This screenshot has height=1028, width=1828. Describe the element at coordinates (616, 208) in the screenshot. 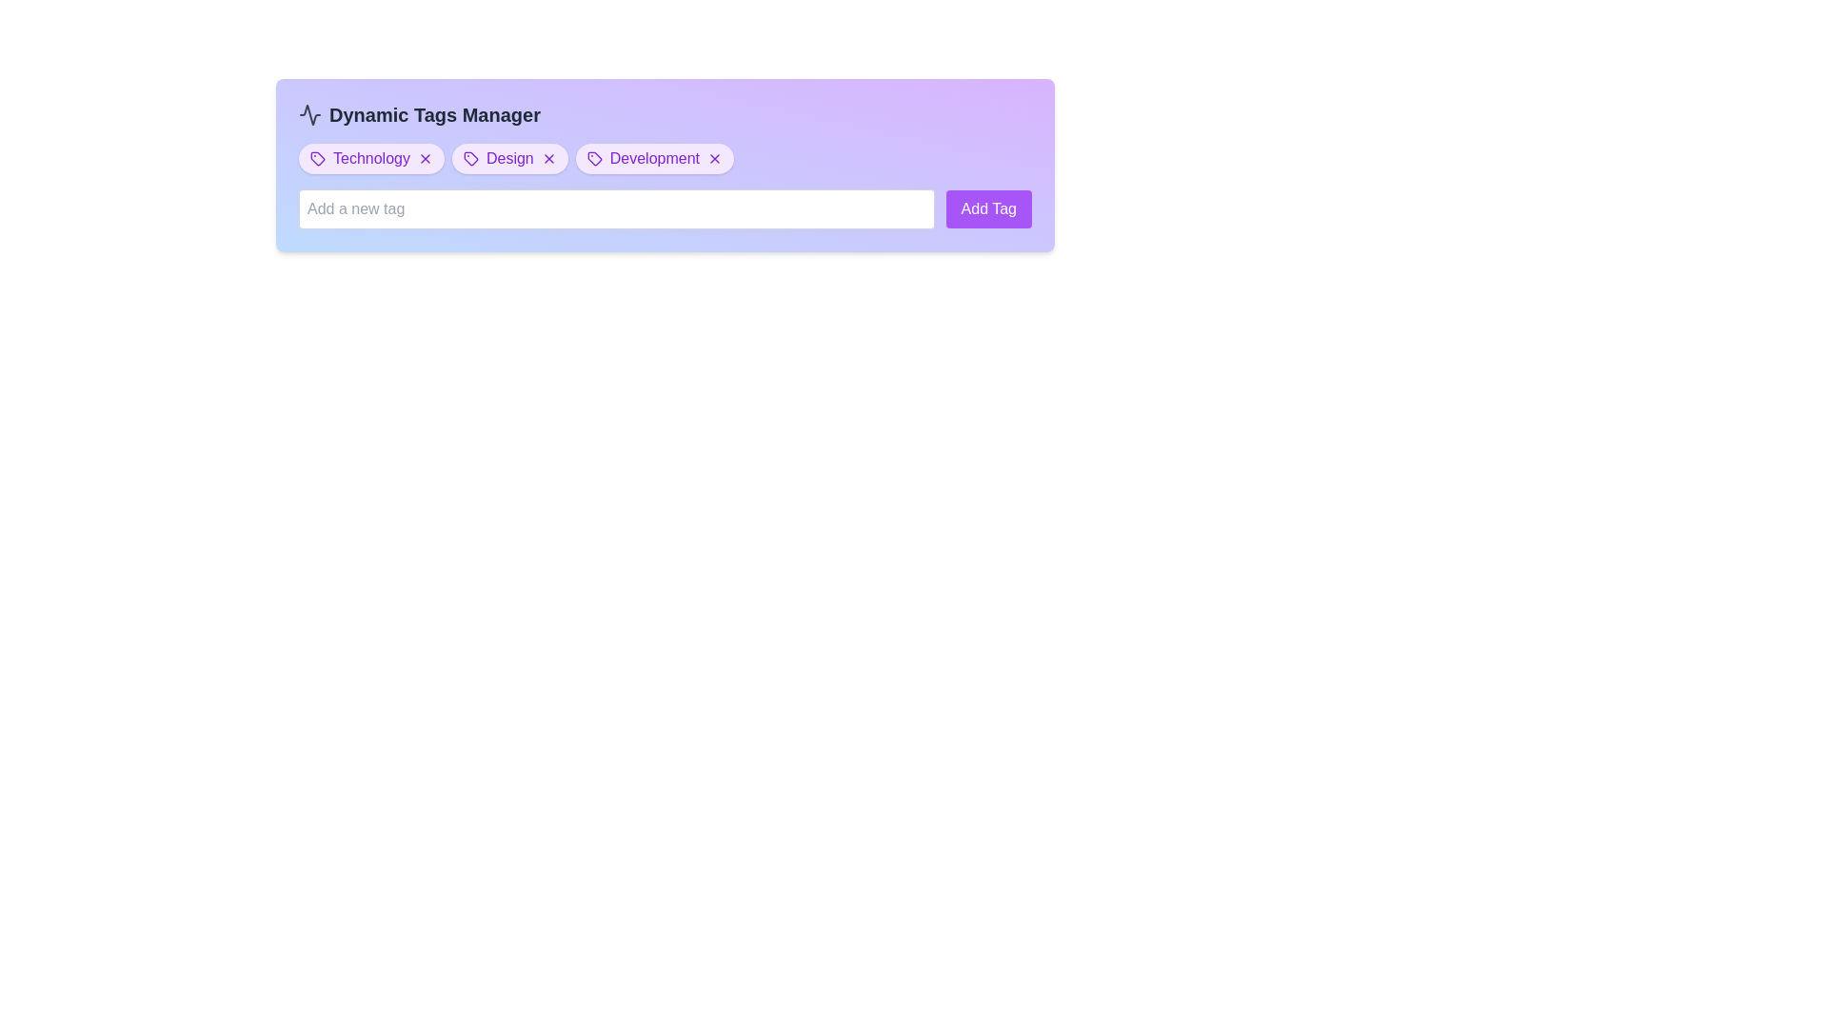

I see `the input field labeled 'Add a new tag'` at that location.